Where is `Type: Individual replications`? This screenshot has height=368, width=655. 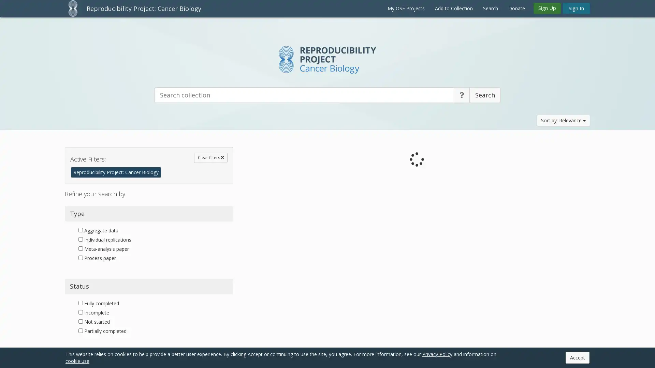
Type: Individual replications is located at coordinates (282, 206).